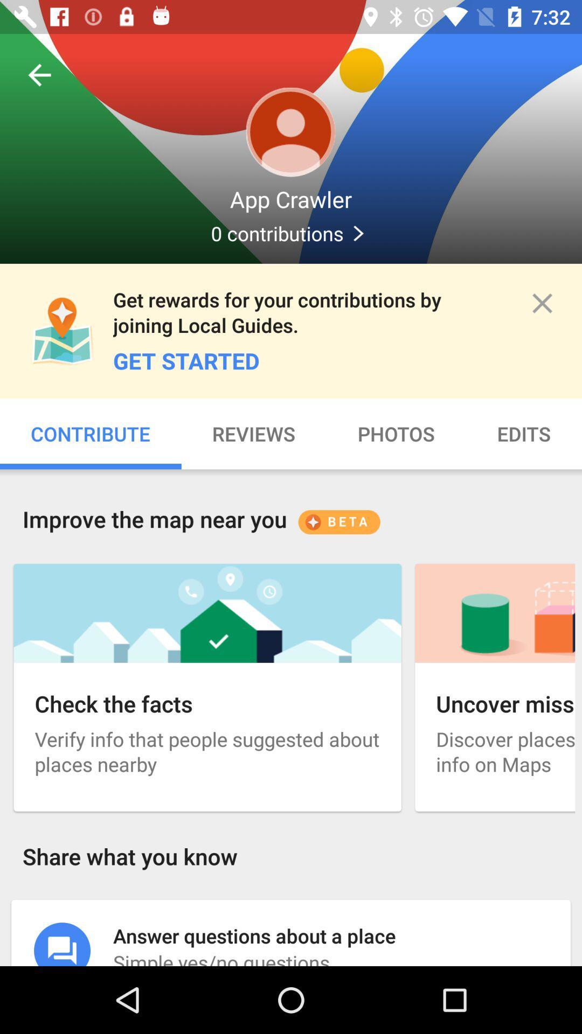  Describe the element at coordinates (523, 434) in the screenshot. I see `app next to photos item` at that location.